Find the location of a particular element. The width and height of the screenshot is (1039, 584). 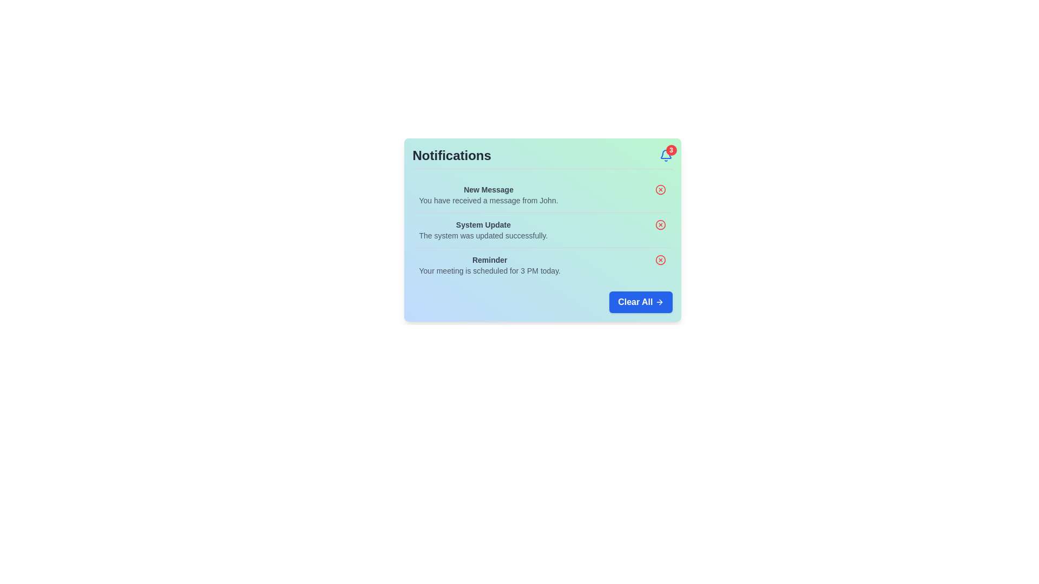

the inner circle of the circular icon located to the right of the first notification title in the notification panel is located at coordinates (660, 189).